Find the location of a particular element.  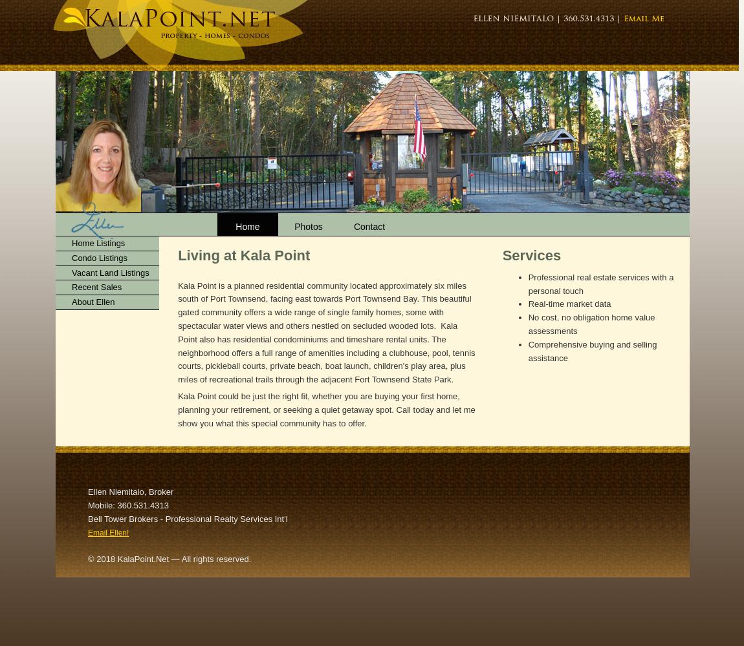

'Professional real estate services with a personal touch' is located at coordinates (600, 283).